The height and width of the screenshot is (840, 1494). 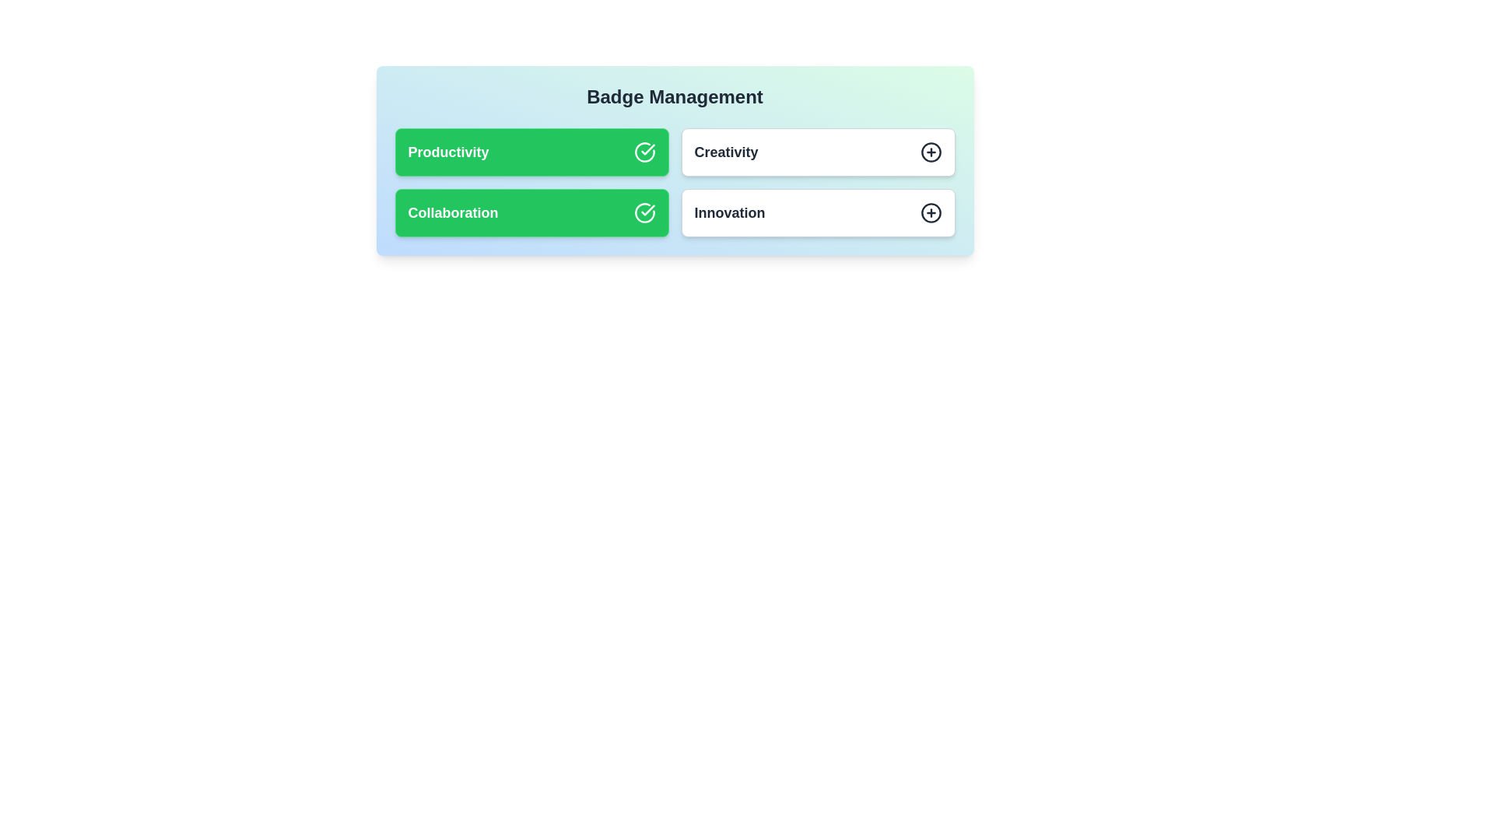 I want to click on the badge labeled Innovation, so click(x=817, y=212).